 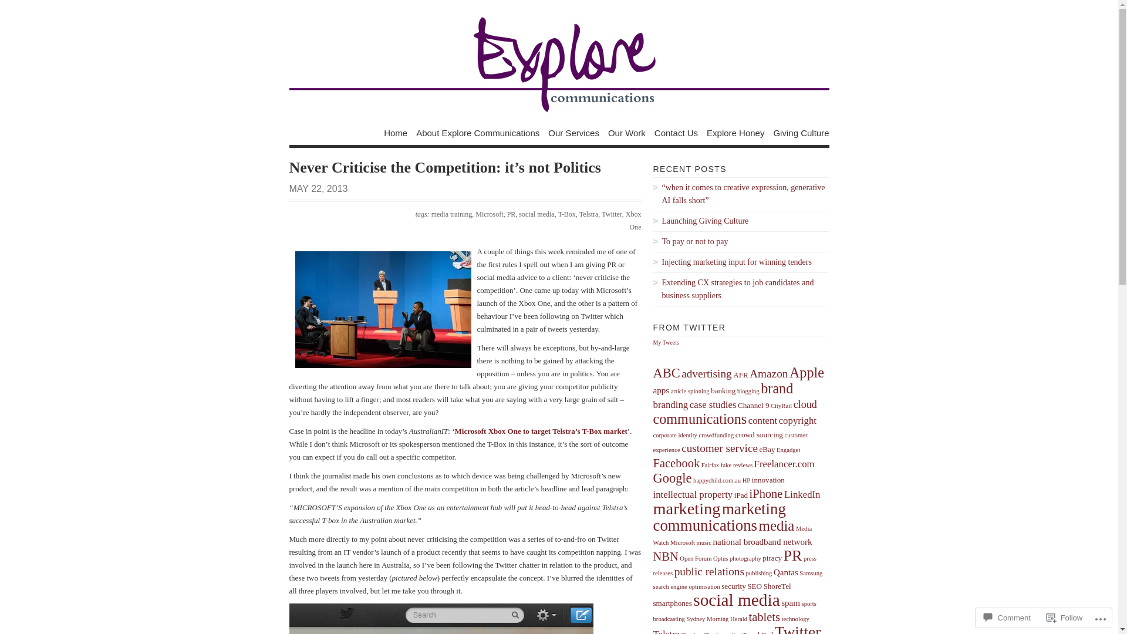 I want to click on 'national broadband network', so click(x=712, y=541).